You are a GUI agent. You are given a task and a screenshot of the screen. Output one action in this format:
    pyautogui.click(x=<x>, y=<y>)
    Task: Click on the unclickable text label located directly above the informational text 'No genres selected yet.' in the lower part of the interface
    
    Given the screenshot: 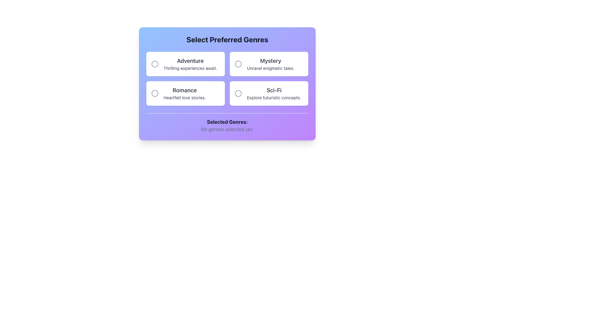 What is the action you would take?
    pyautogui.click(x=227, y=122)
    